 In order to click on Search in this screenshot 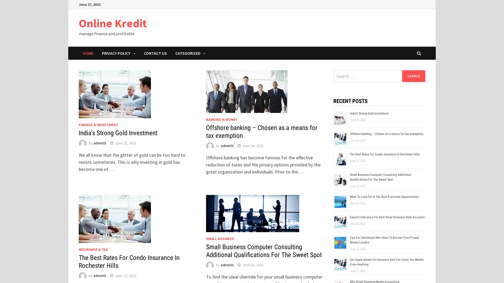, I will do `click(413, 76)`.